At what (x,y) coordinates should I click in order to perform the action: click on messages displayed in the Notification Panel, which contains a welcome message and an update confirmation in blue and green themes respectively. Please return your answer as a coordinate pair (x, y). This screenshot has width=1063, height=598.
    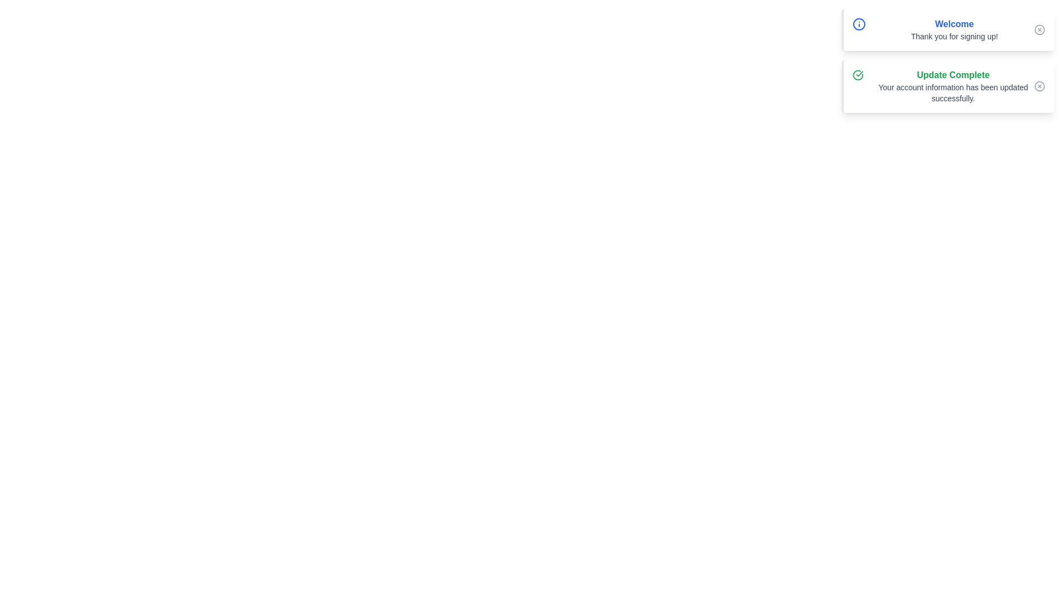
    Looking at the image, I should click on (947, 61).